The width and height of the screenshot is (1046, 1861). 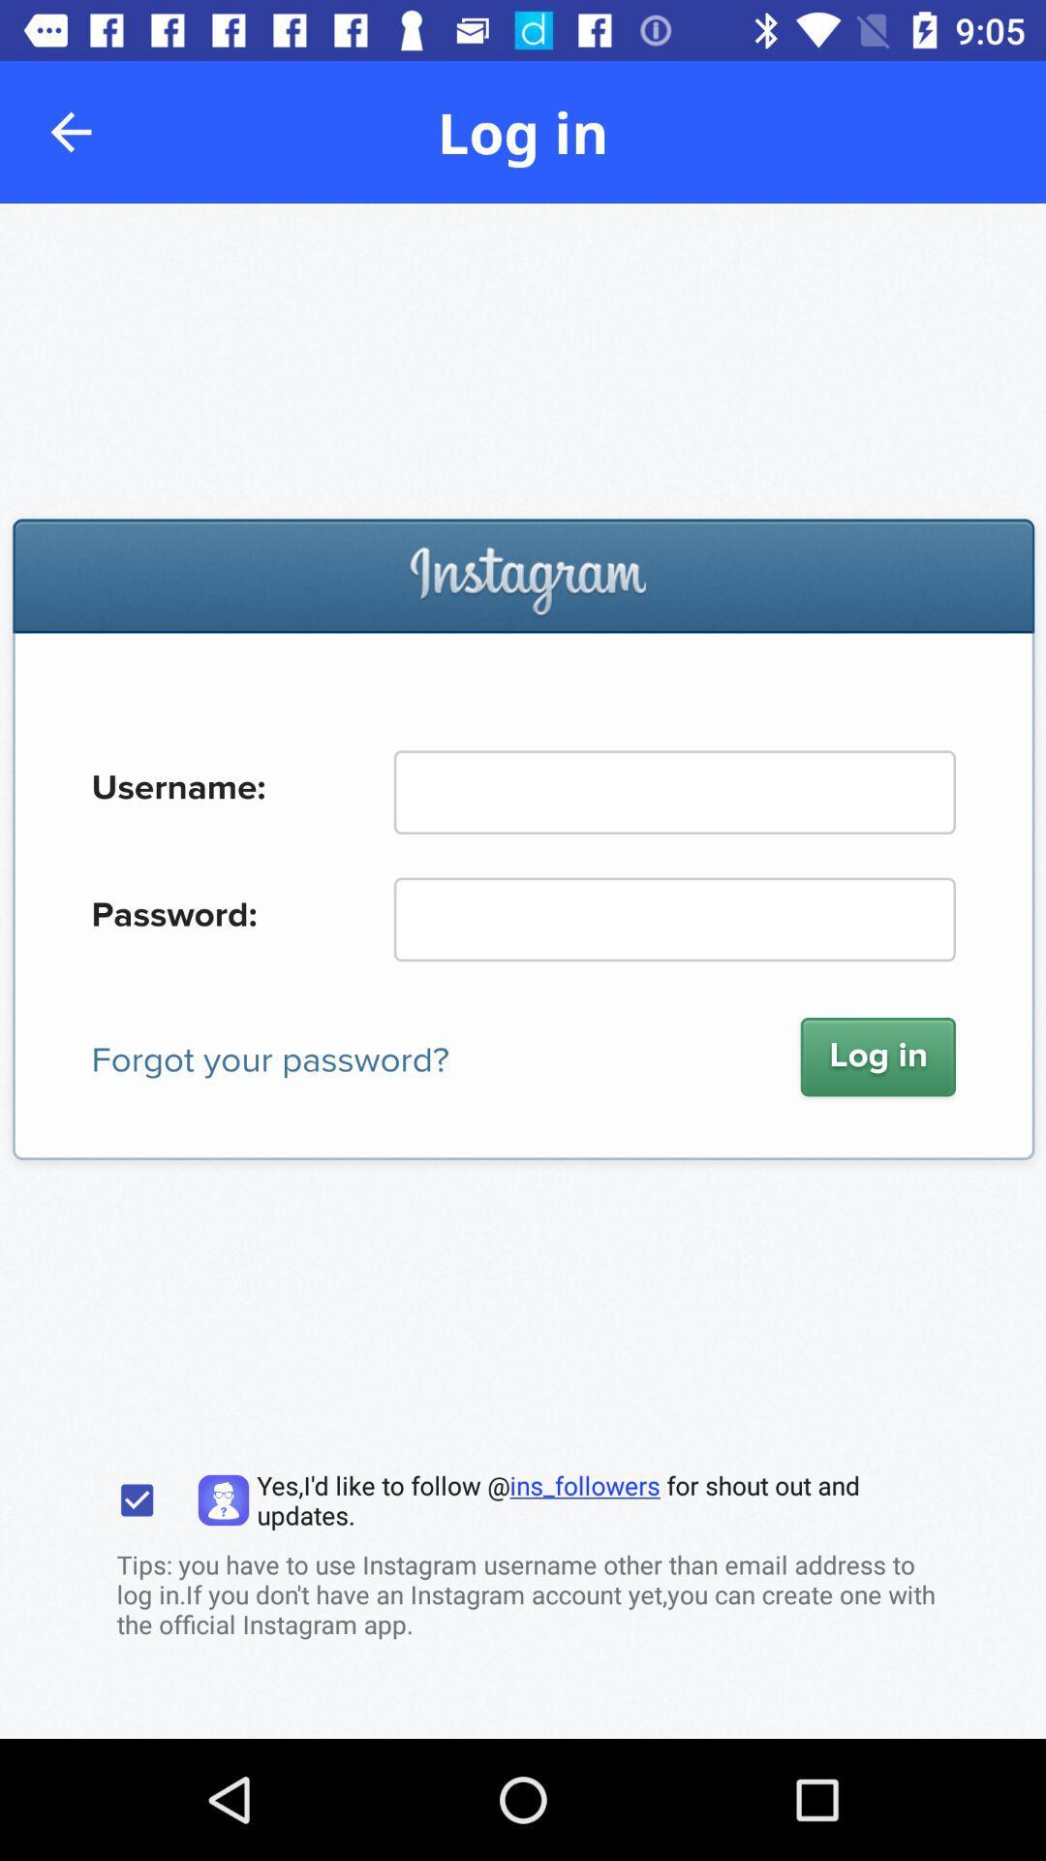 What do you see at coordinates (136, 1499) in the screenshot?
I see `accept follow` at bounding box center [136, 1499].